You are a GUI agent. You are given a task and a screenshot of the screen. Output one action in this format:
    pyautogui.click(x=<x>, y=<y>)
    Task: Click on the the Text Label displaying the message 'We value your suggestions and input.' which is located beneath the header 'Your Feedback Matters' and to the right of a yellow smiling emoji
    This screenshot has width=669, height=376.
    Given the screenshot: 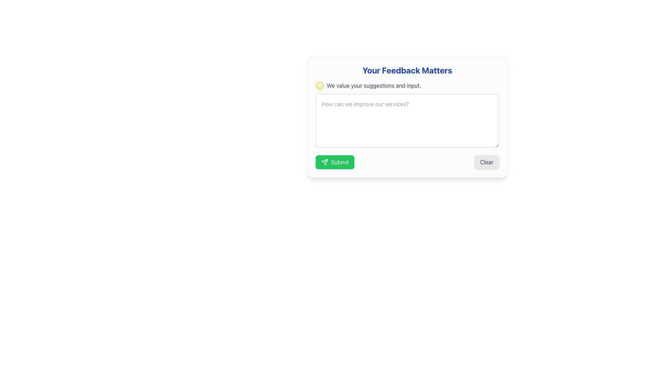 What is the action you would take?
    pyautogui.click(x=374, y=85)
    